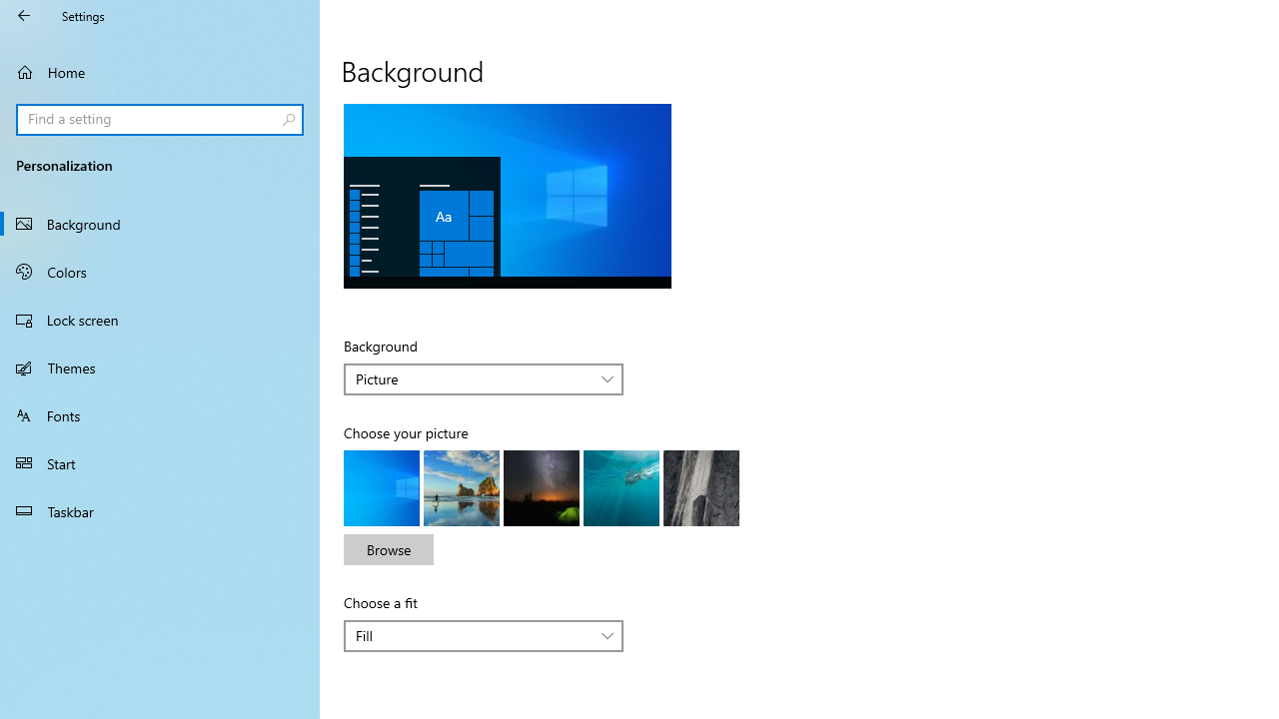  I want to click on 'Windows Spotlight Image', so click(701, 487).